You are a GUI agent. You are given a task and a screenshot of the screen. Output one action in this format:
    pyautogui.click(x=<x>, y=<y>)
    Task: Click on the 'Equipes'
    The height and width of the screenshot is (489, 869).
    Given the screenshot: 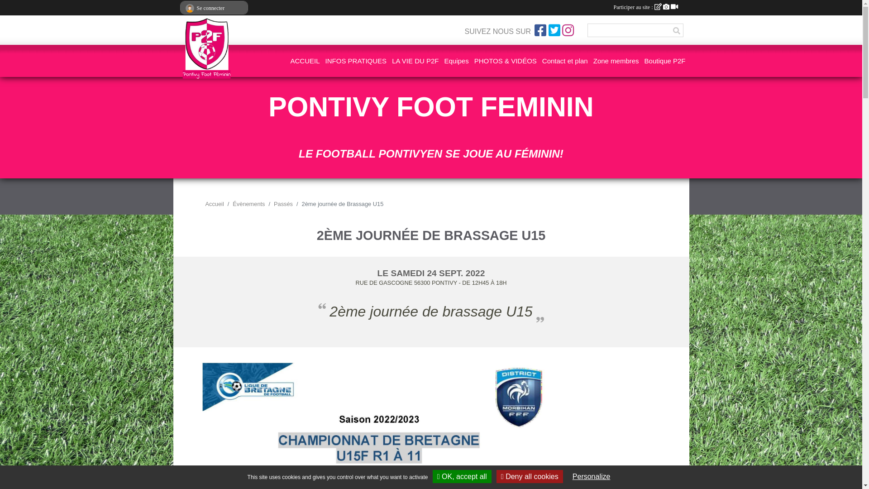 What is the action you would take?
    pyautogui.click(x=456, y=61)
    